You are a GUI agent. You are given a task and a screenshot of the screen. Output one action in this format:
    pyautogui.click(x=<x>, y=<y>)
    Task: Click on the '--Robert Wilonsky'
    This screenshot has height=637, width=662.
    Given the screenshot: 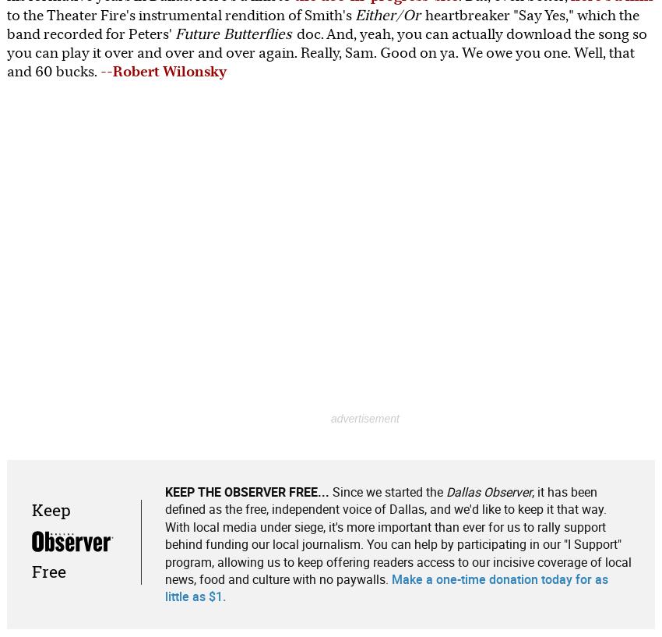 What is the action you would take?
    pyautogui.click(x=163, y=71)
    